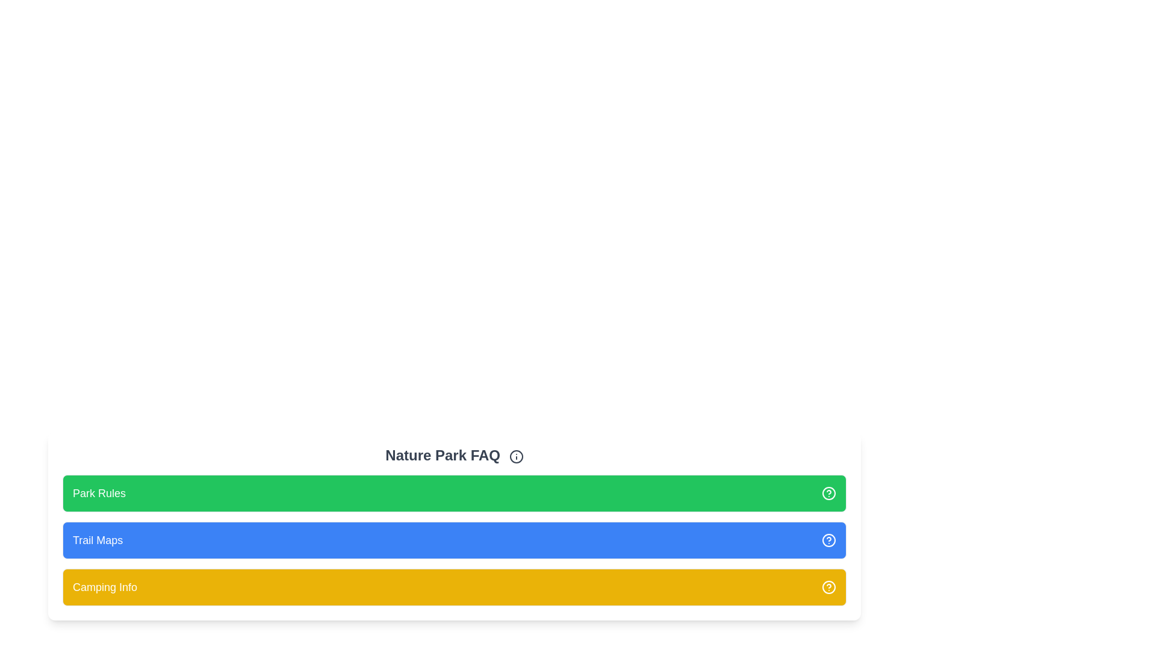 Image resolution: width=1156 pixels, height=650 pixels. Describe the element at coordinates (516, 456) in the screenshot. I see `the circular information icon located to the right of the 'Nature Park FAQ' title text` at that location.